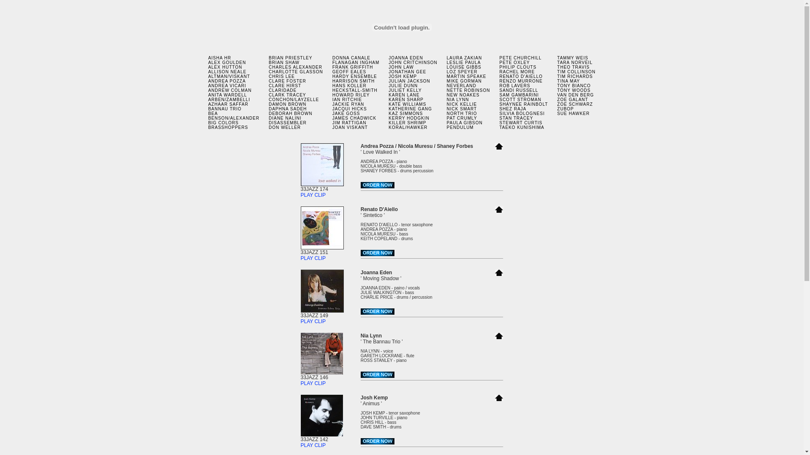 This screenshot has height=455, width=810. Describe the element at coordinates (332, 99) in the screenshot. I see `'IAN RITCHIE'` at that location.